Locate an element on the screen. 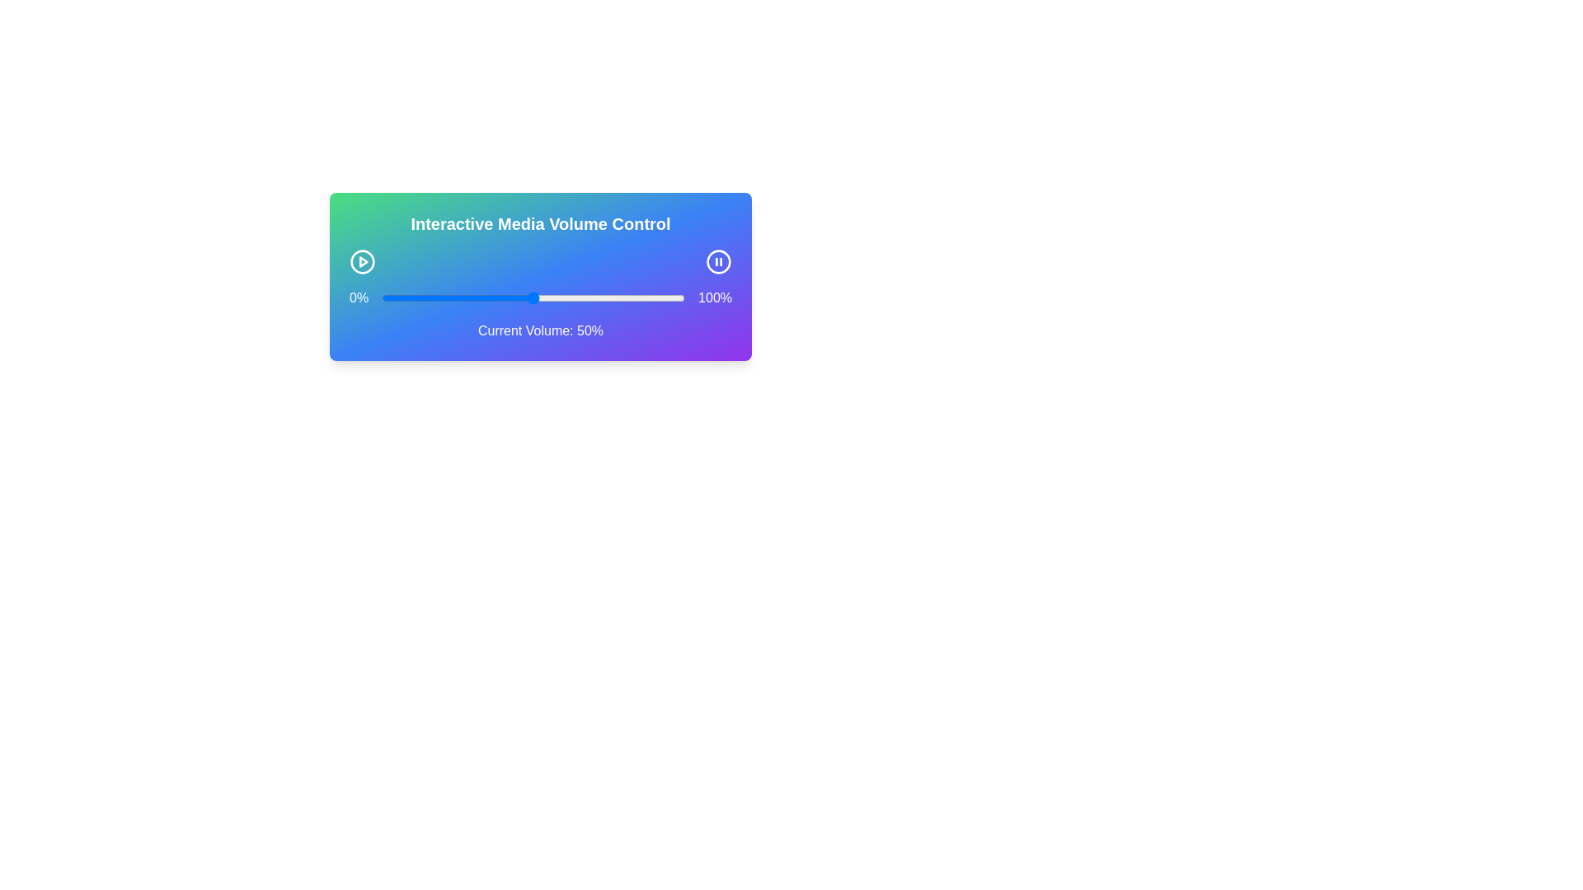 The image size is (1583, 890). the volume to 60% by dragging the slider is located at coordinates (563, 298).